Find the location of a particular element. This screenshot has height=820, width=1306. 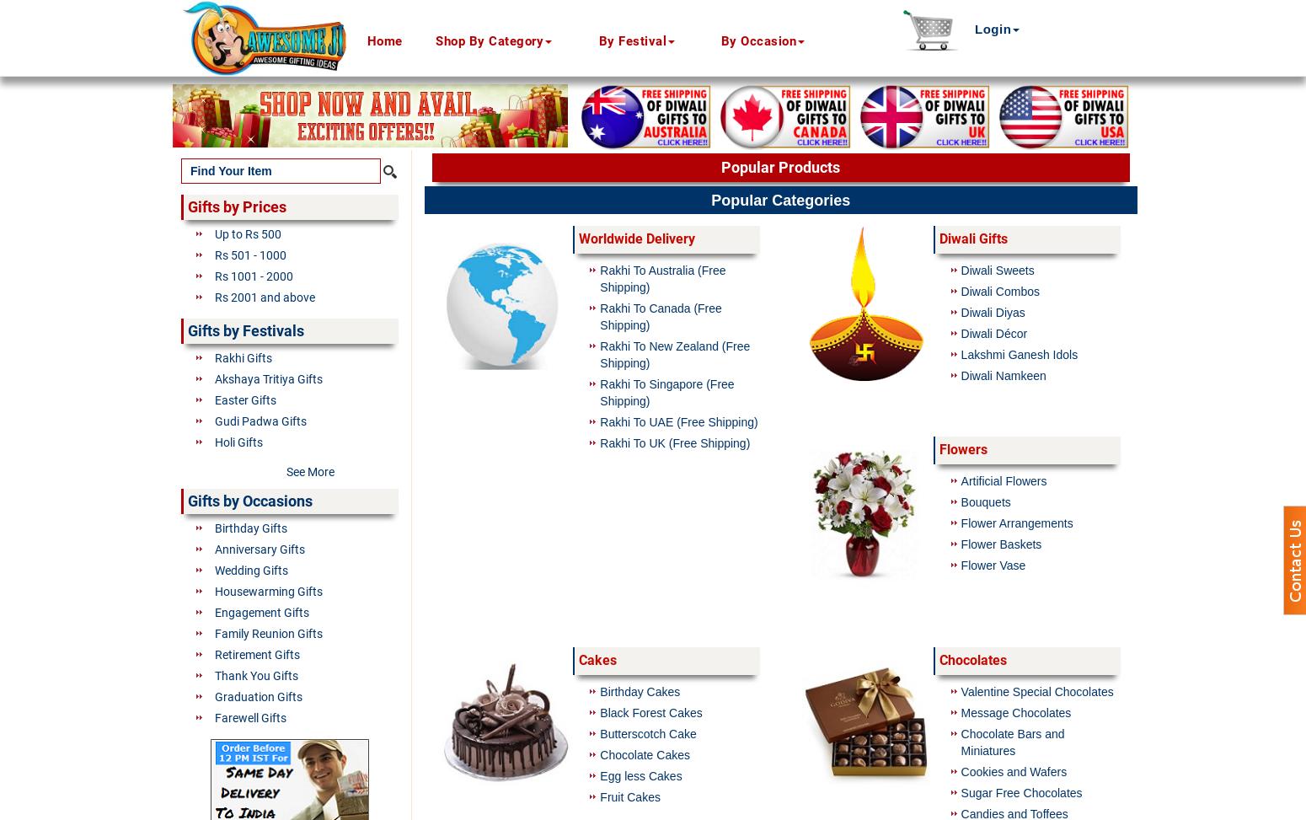

'Birthday Gifts' is located at coordinates (251, 528).